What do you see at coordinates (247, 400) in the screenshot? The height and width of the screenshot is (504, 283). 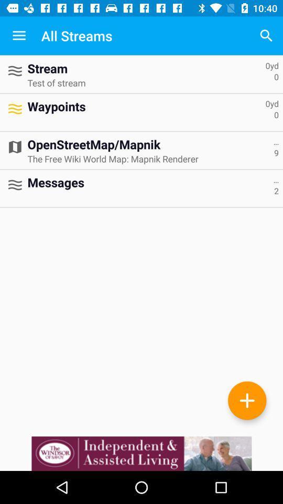 I see `more options` at bounding box center [247, 400].